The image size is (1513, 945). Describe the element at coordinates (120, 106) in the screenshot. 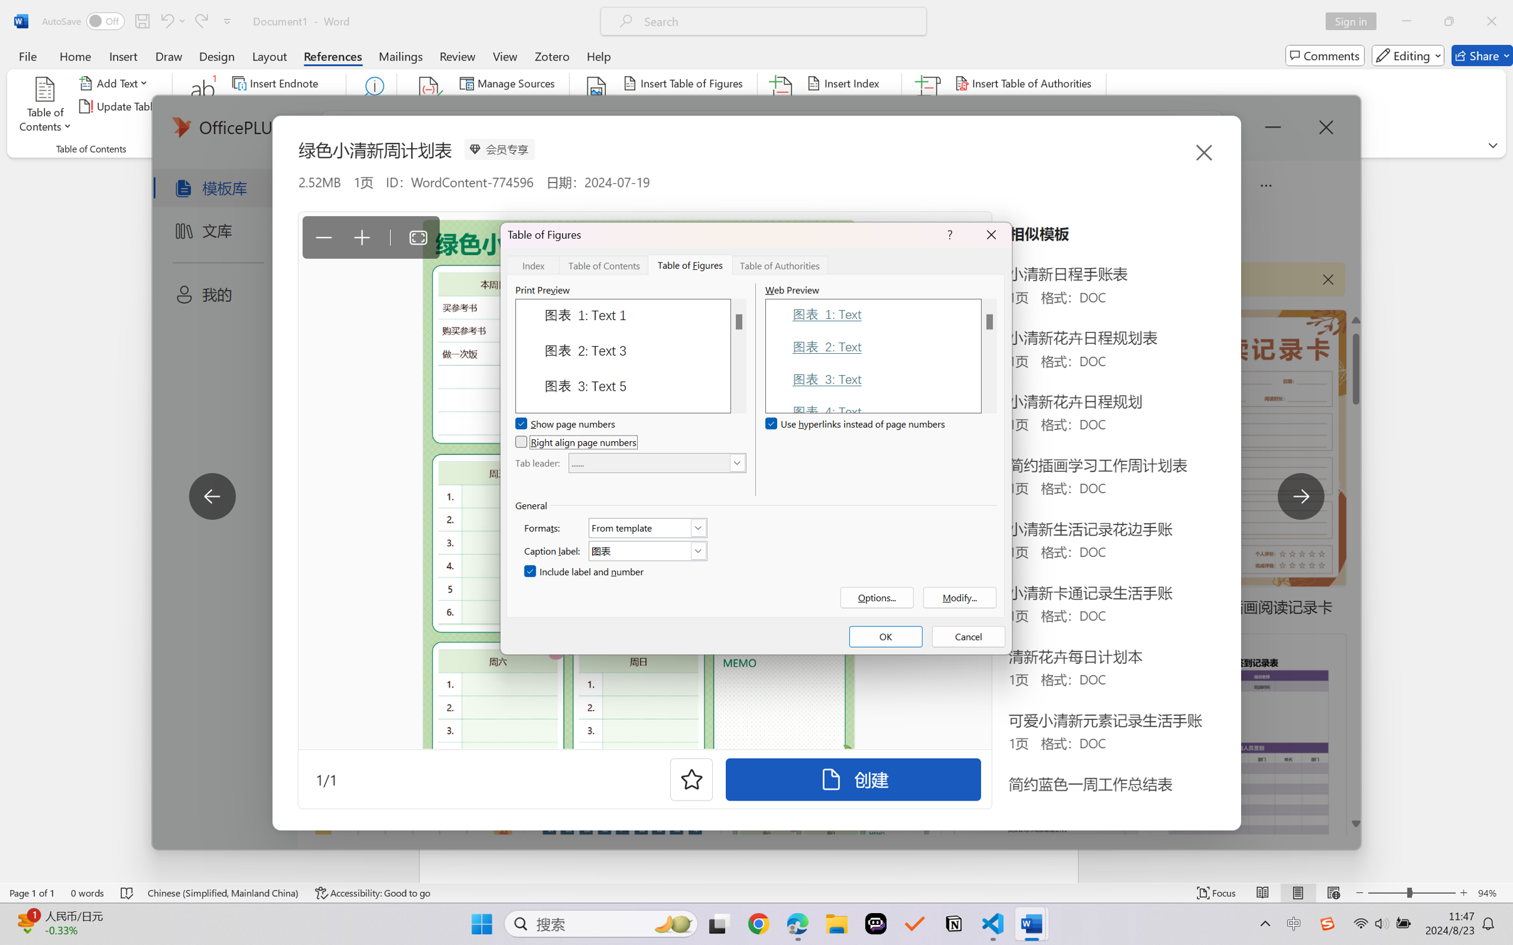

I see `'Update Table...'` at that location.